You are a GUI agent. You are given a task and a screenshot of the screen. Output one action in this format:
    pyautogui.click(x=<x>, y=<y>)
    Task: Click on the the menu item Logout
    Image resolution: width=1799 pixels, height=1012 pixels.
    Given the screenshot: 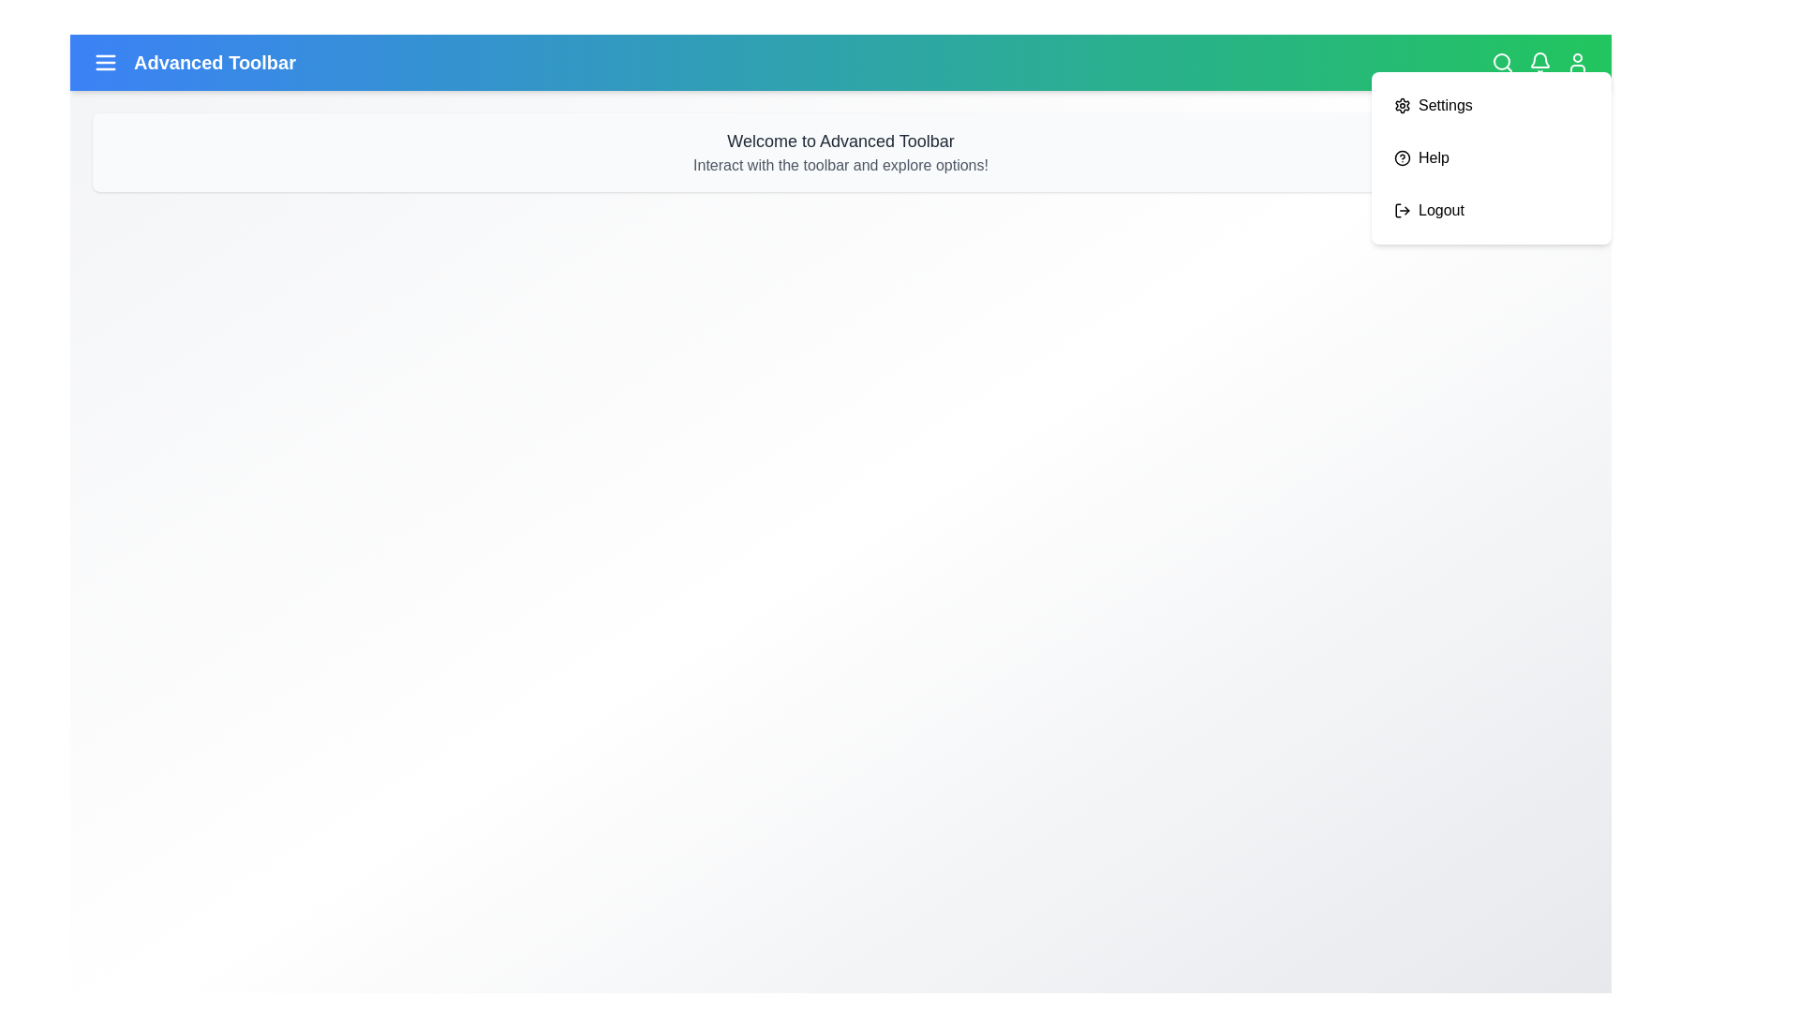 What is the action you would take?
    pyautogui.click(x=1491, y=210)
    